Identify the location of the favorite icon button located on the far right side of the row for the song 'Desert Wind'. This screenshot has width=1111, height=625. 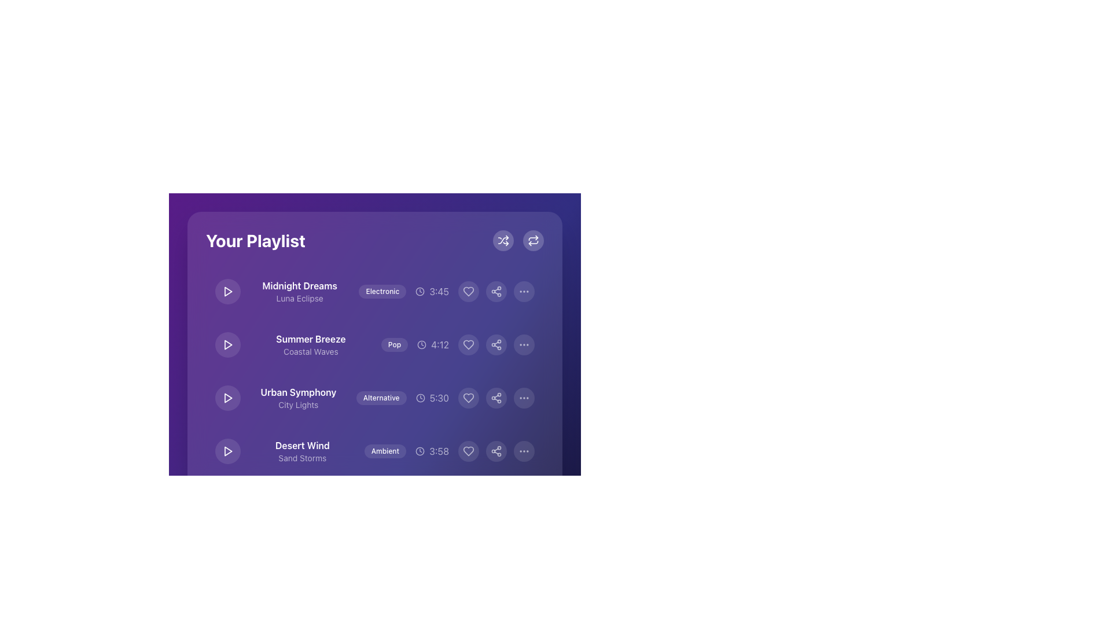
(469, 450).